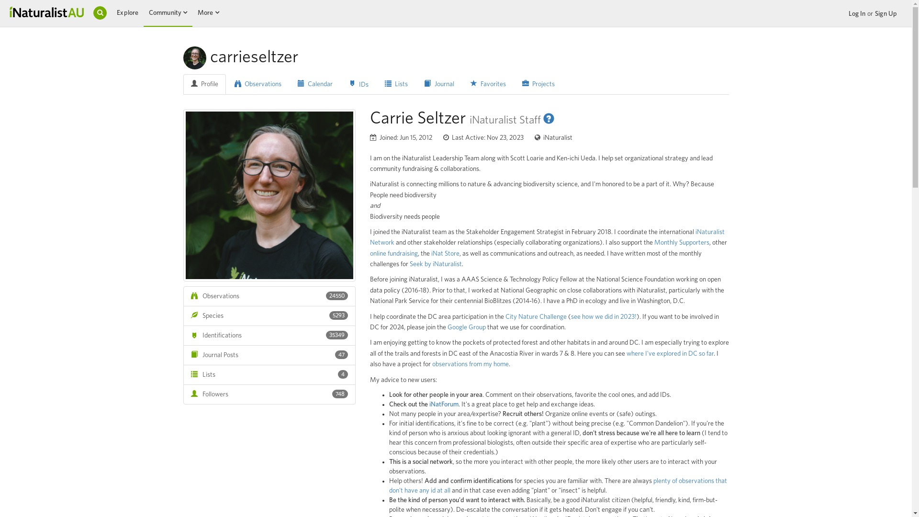 This screenshot has height=517, width=919. Describe the element at coordinates (538, 84) in the screenshot. I see `'Projects'` at that location.